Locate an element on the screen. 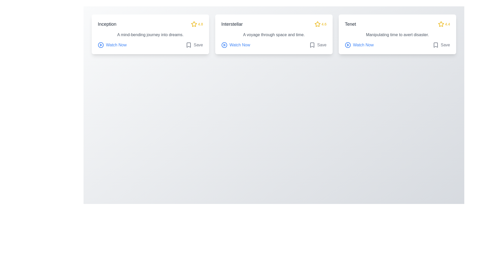 Image resolution: width=489 pixels, height=275 pixels. the circular play icon with a blue outline and white triangle, located within the 'Watch Now' button for the movie 'Tenet' is located at coordinates (348, 45).